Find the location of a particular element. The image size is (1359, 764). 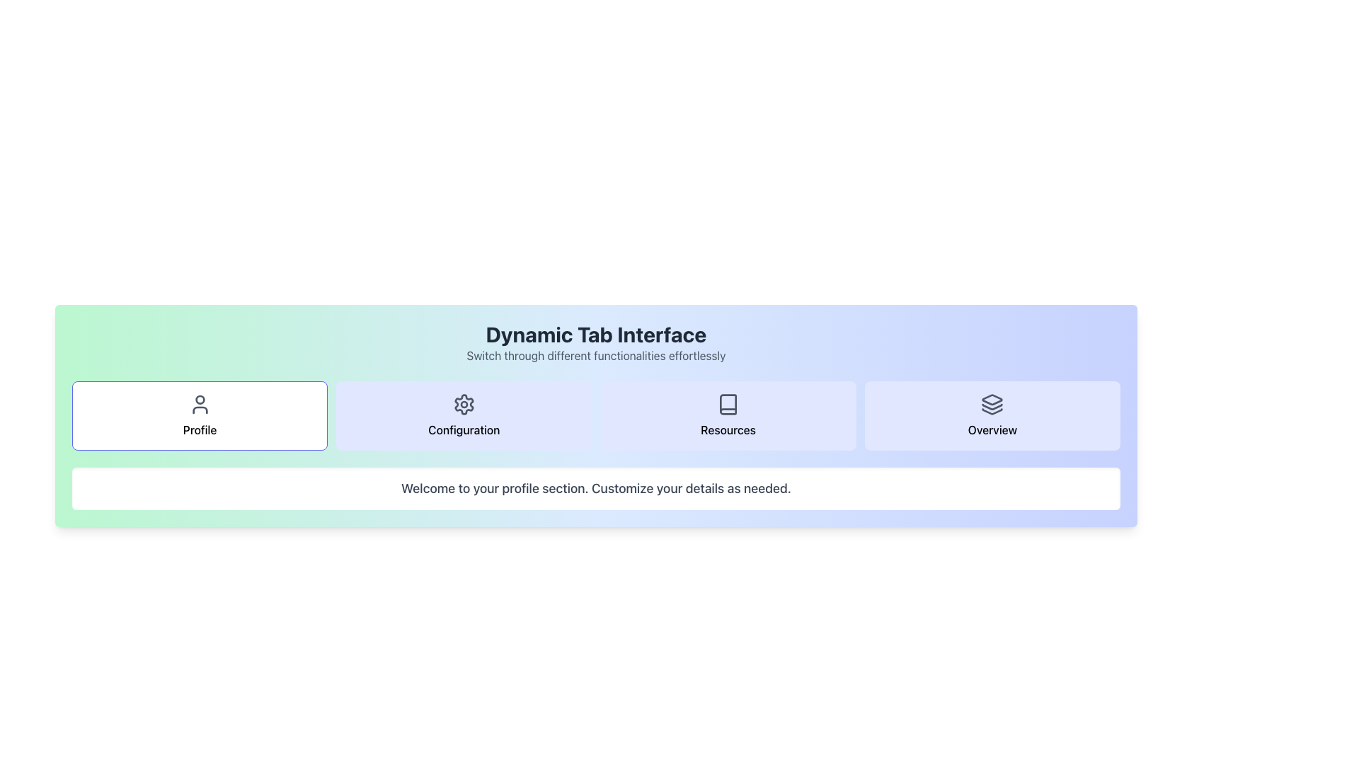

the circular graphical component located at the center of the head of the human icon within the 'Profile' tab is located at coordinates (199, 400).